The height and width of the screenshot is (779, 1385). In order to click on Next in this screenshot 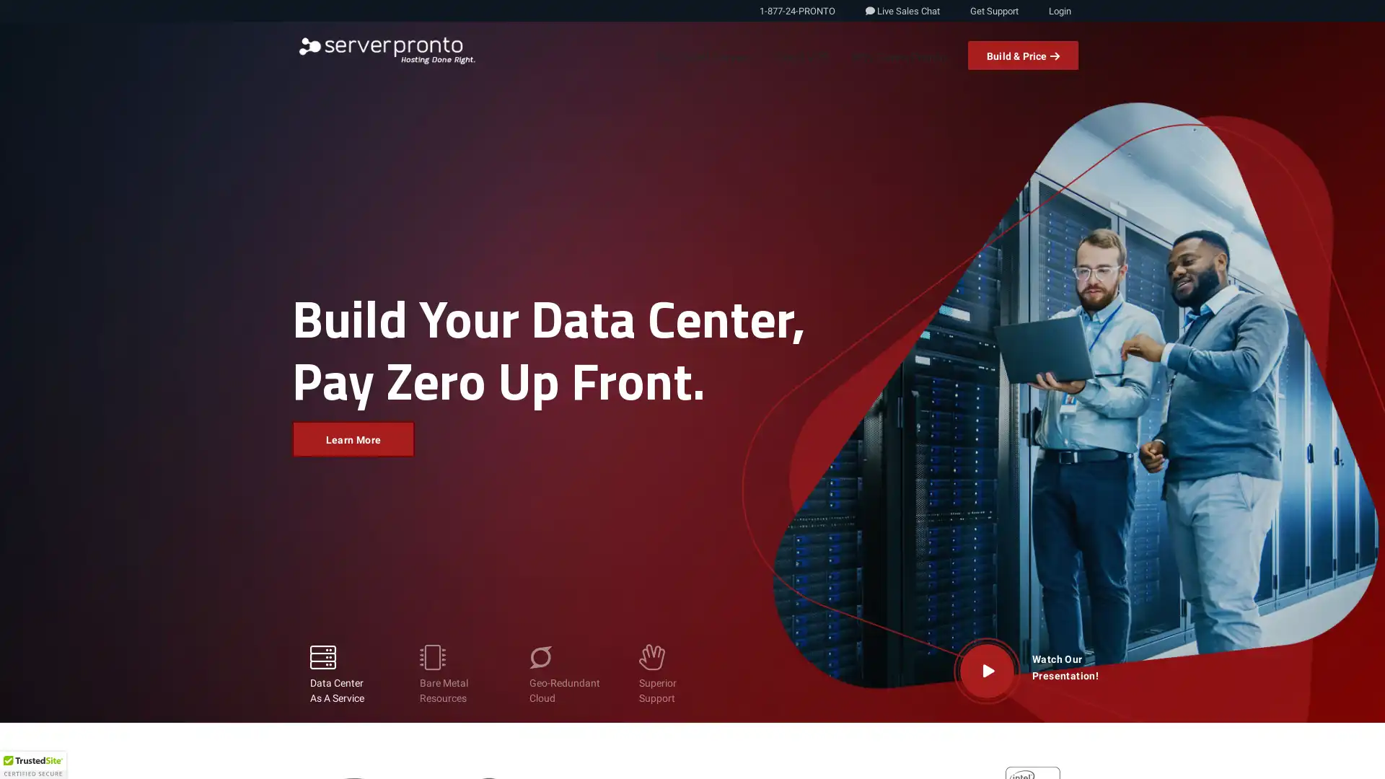, I will do `click(1339, 386)`.